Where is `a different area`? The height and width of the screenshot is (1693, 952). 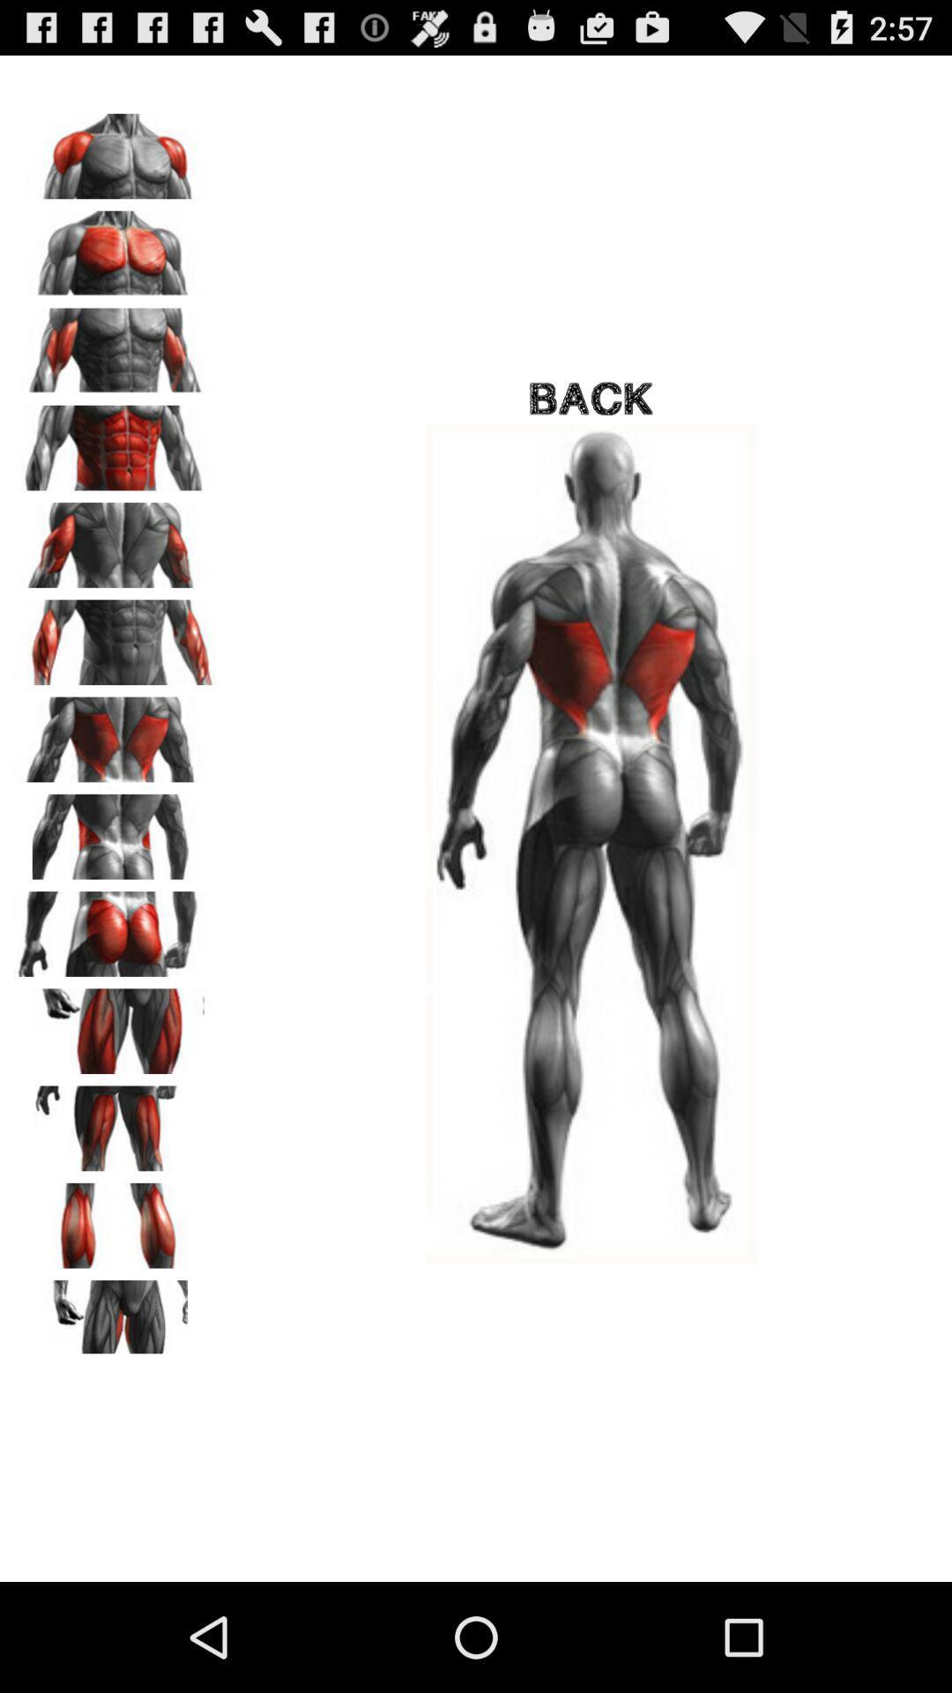 a different area is located at coordinates (115, 246).